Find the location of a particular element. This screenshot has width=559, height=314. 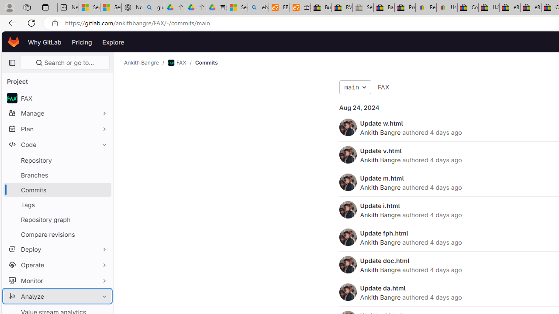

'Update doc.html' is located at coordinates (384, 260).